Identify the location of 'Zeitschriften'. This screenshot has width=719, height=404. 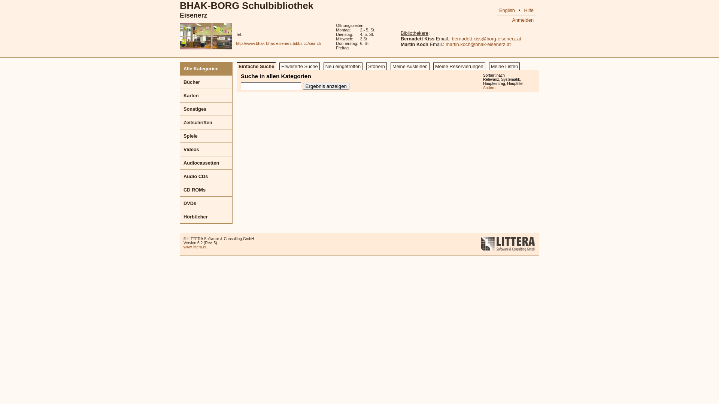
(206, 122).